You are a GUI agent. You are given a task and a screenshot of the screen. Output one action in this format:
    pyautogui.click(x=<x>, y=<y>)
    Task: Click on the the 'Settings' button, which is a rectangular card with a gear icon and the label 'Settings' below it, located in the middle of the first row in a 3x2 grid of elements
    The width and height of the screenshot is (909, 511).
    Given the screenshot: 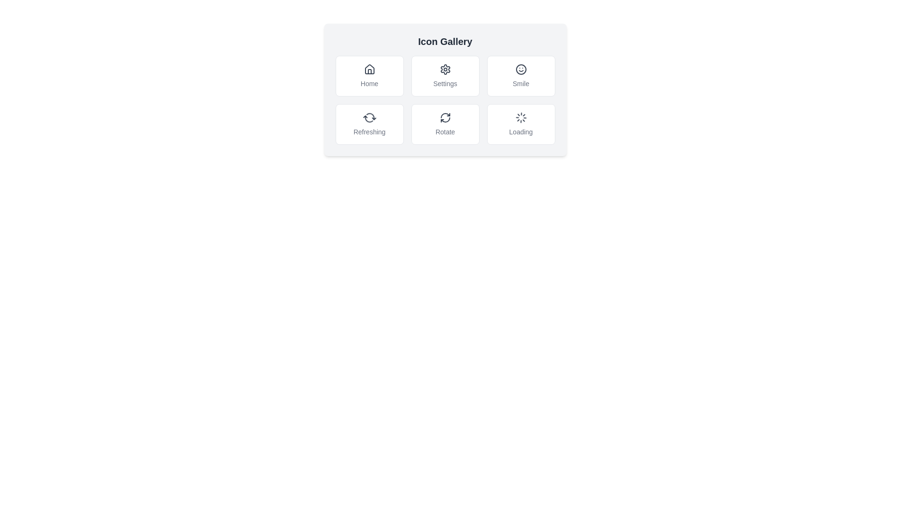 What is the action you would take?
    pyautogui.click(x=445, y=89)
    